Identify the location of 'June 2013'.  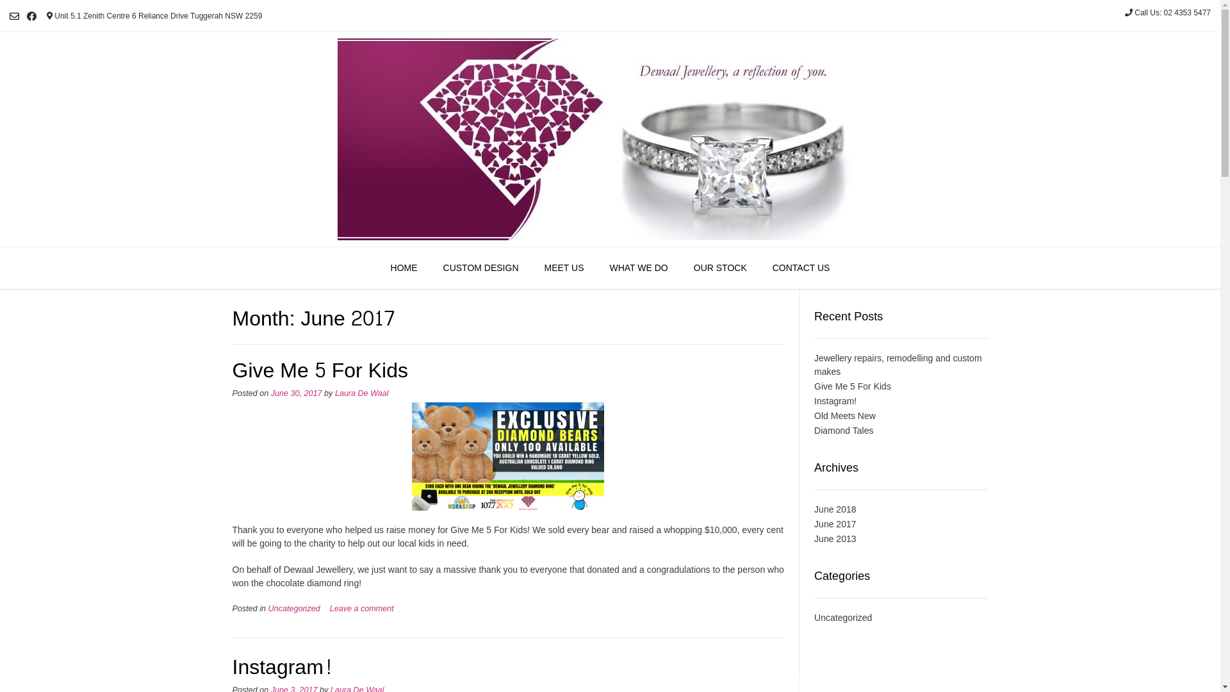
(835, 538).